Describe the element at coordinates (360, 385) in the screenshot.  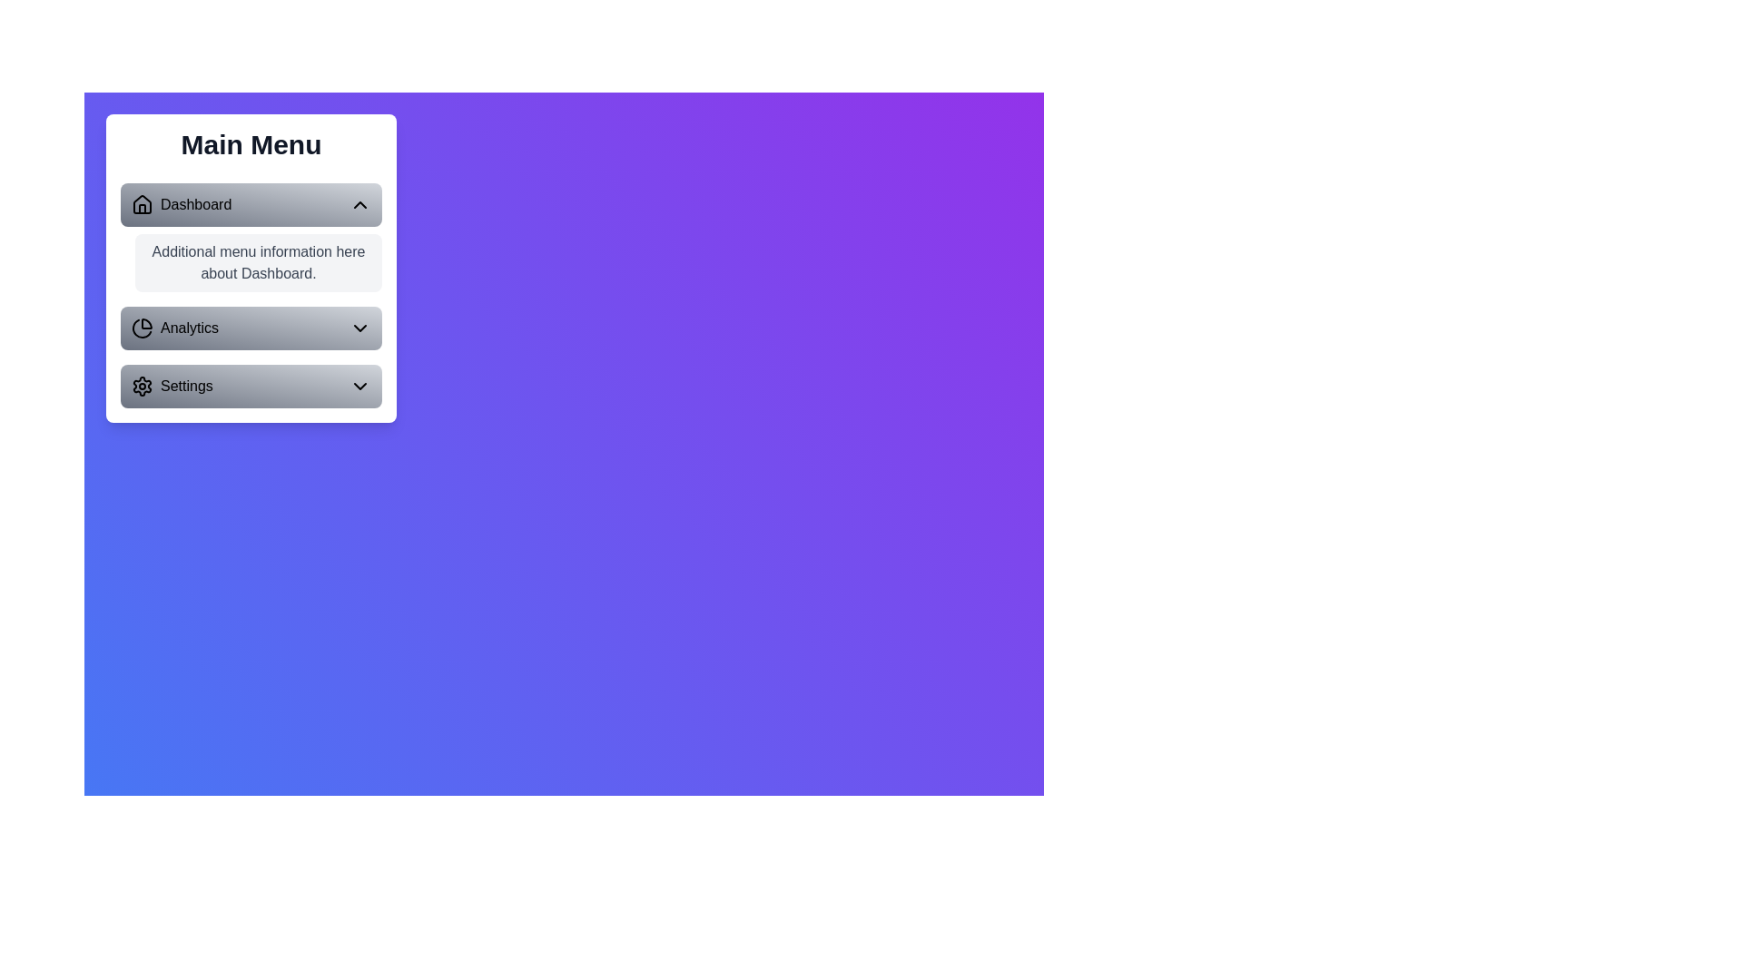
I see `the downward-pointing chevron icon located at the right side of the 'Settings' button in the vertical menu` at that location.